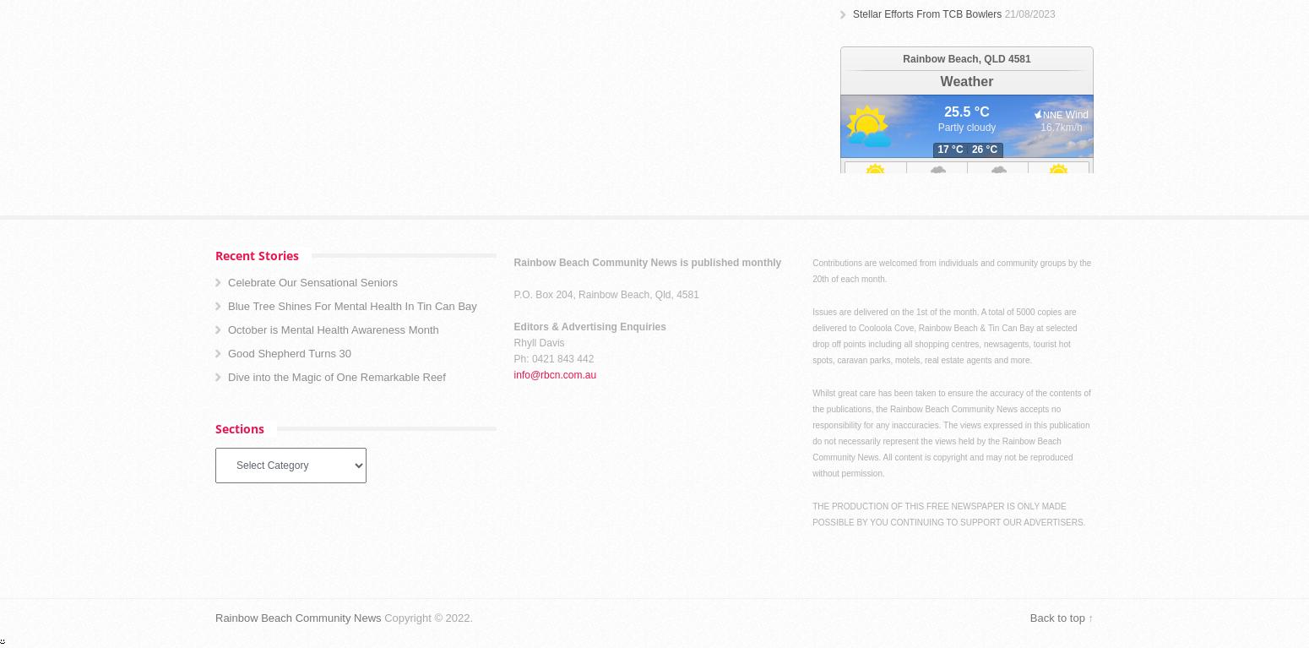  What do you see at coordinates (588, 326) in the screenshot?
I see `'Editors & Advertising Enquiries'` at bounding box center [588, 326].